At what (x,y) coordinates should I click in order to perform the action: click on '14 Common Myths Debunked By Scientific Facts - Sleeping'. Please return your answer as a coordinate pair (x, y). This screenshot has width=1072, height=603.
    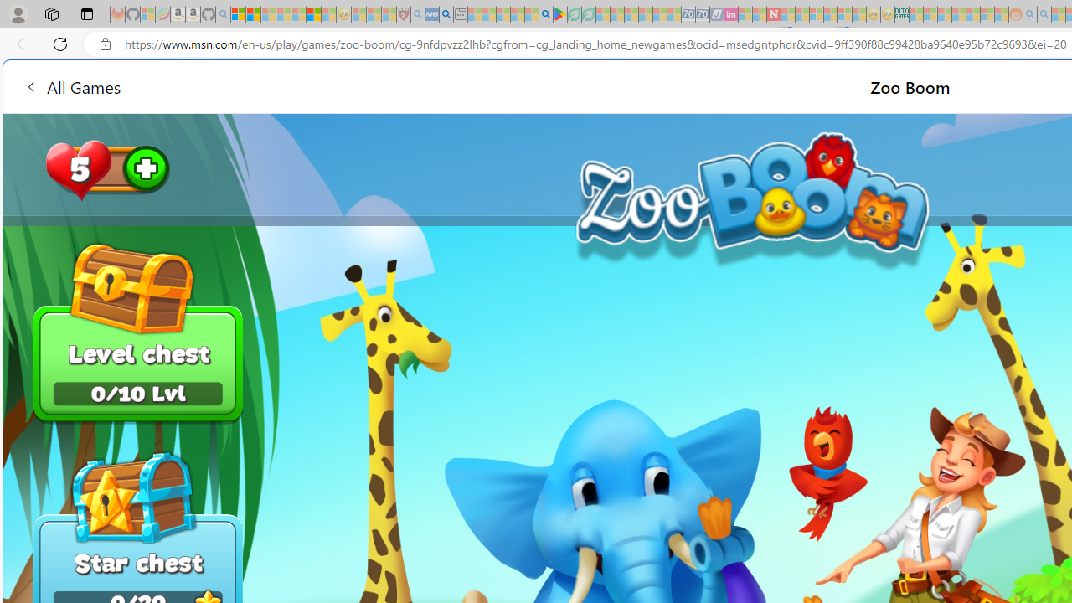
    Looking at the image, I should click on (801, 14).